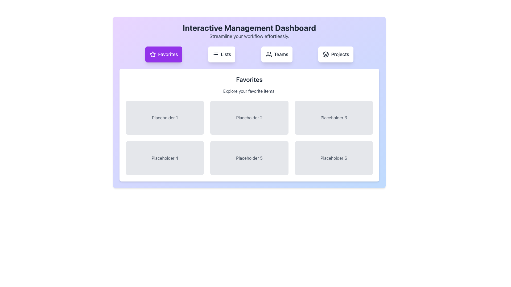  I want to click on the text block titled 'Interactive Management Dashboard', so click(249, 32).